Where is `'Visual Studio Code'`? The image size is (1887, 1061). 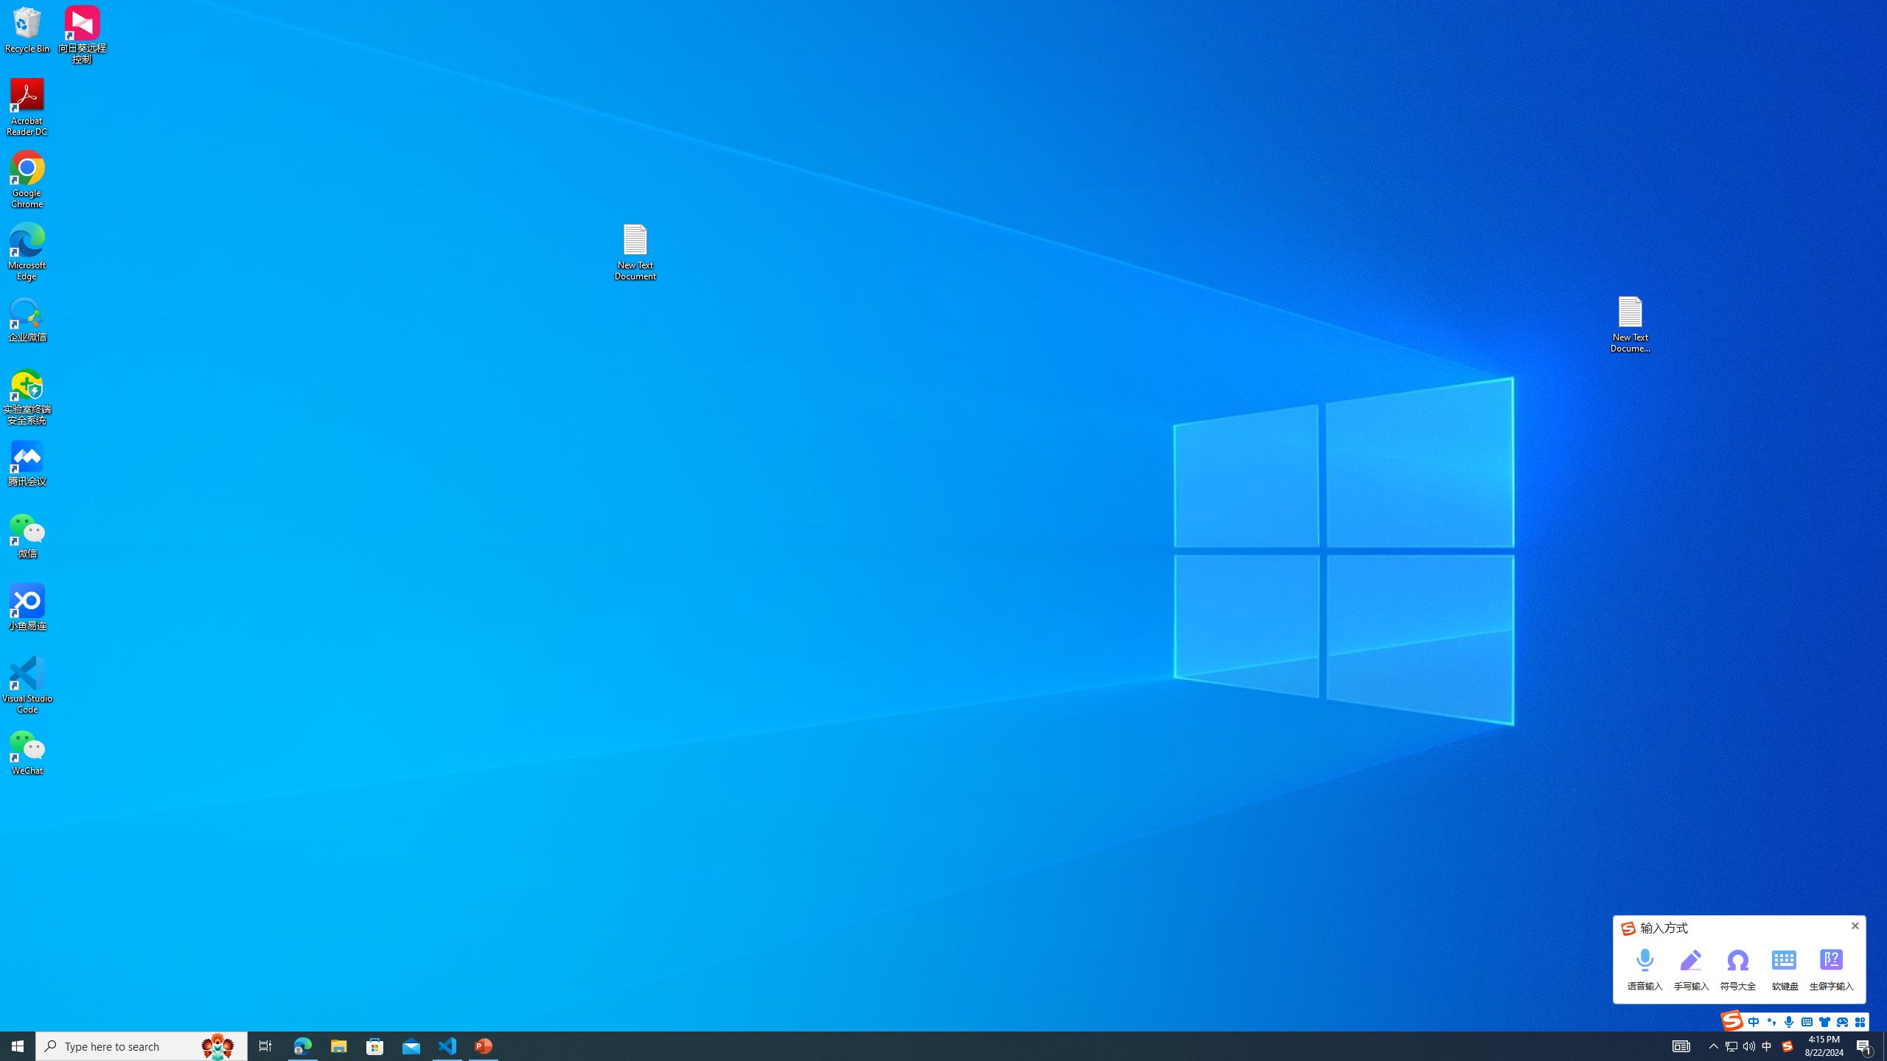 'Visual Studio Code' is located at coordinates (27, 684).